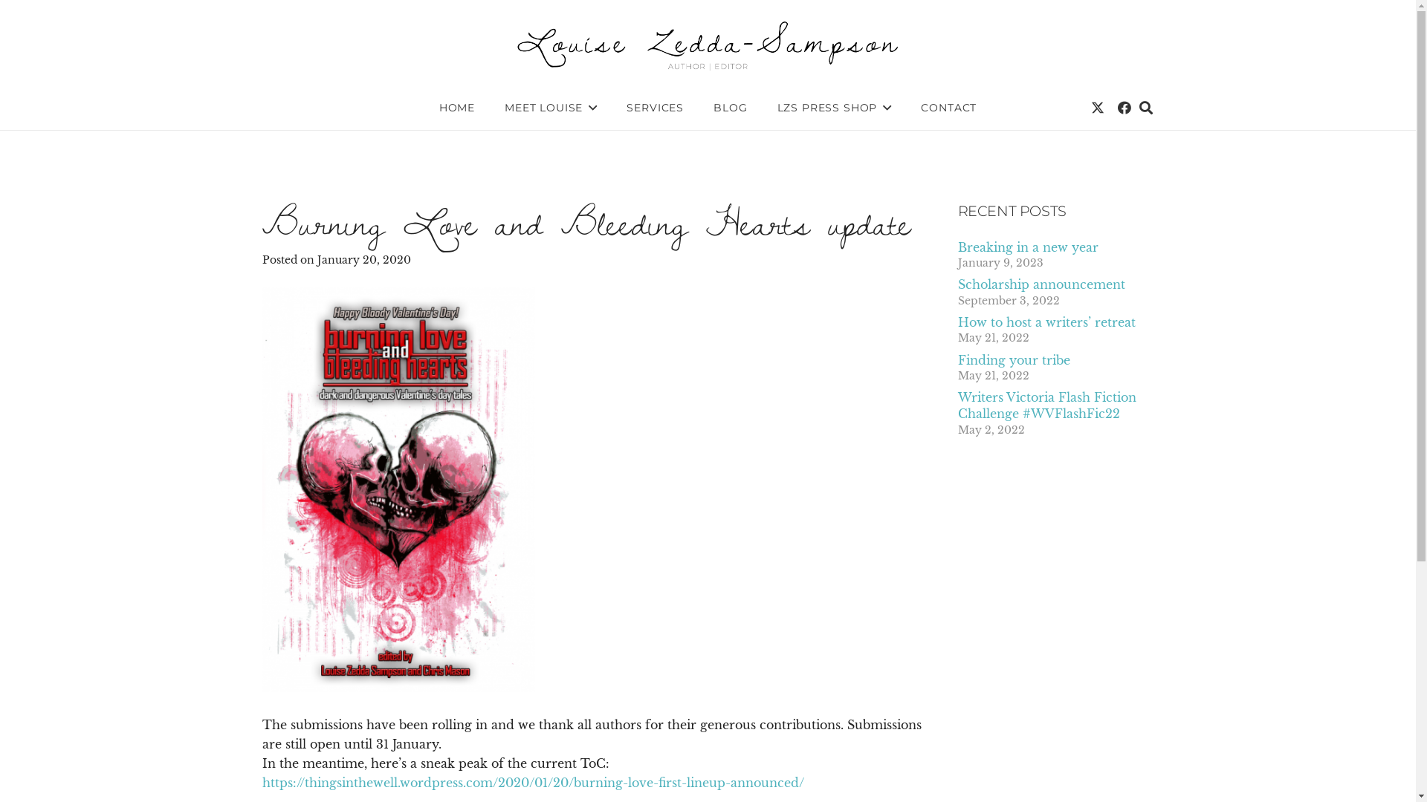 This screenshot has width=1427, height=802. What do you see at coordinates (1012, 360) in the screenshot?
I see `'Finding your tribe'` at bounding box center [1012, 360].